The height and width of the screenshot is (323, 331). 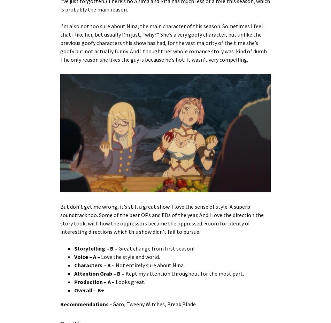 What do you see at coordinates (115, 264) in the screenshot?
I see `'Not entirely sure about Nina.'` at bounding box center [115, 264].